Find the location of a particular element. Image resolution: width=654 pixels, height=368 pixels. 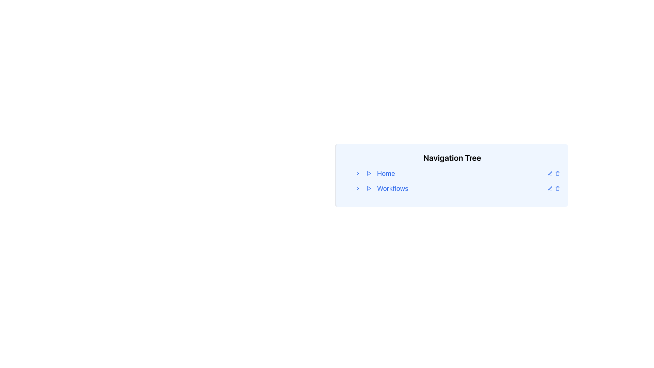

the chevron icon button is located at coordinates (358, 173).